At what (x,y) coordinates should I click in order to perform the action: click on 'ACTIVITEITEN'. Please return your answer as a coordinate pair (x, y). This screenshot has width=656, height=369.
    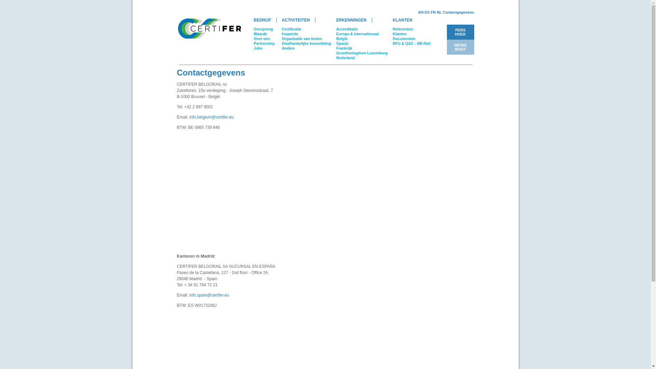
    Looking at the image, I should click on (296, 19).